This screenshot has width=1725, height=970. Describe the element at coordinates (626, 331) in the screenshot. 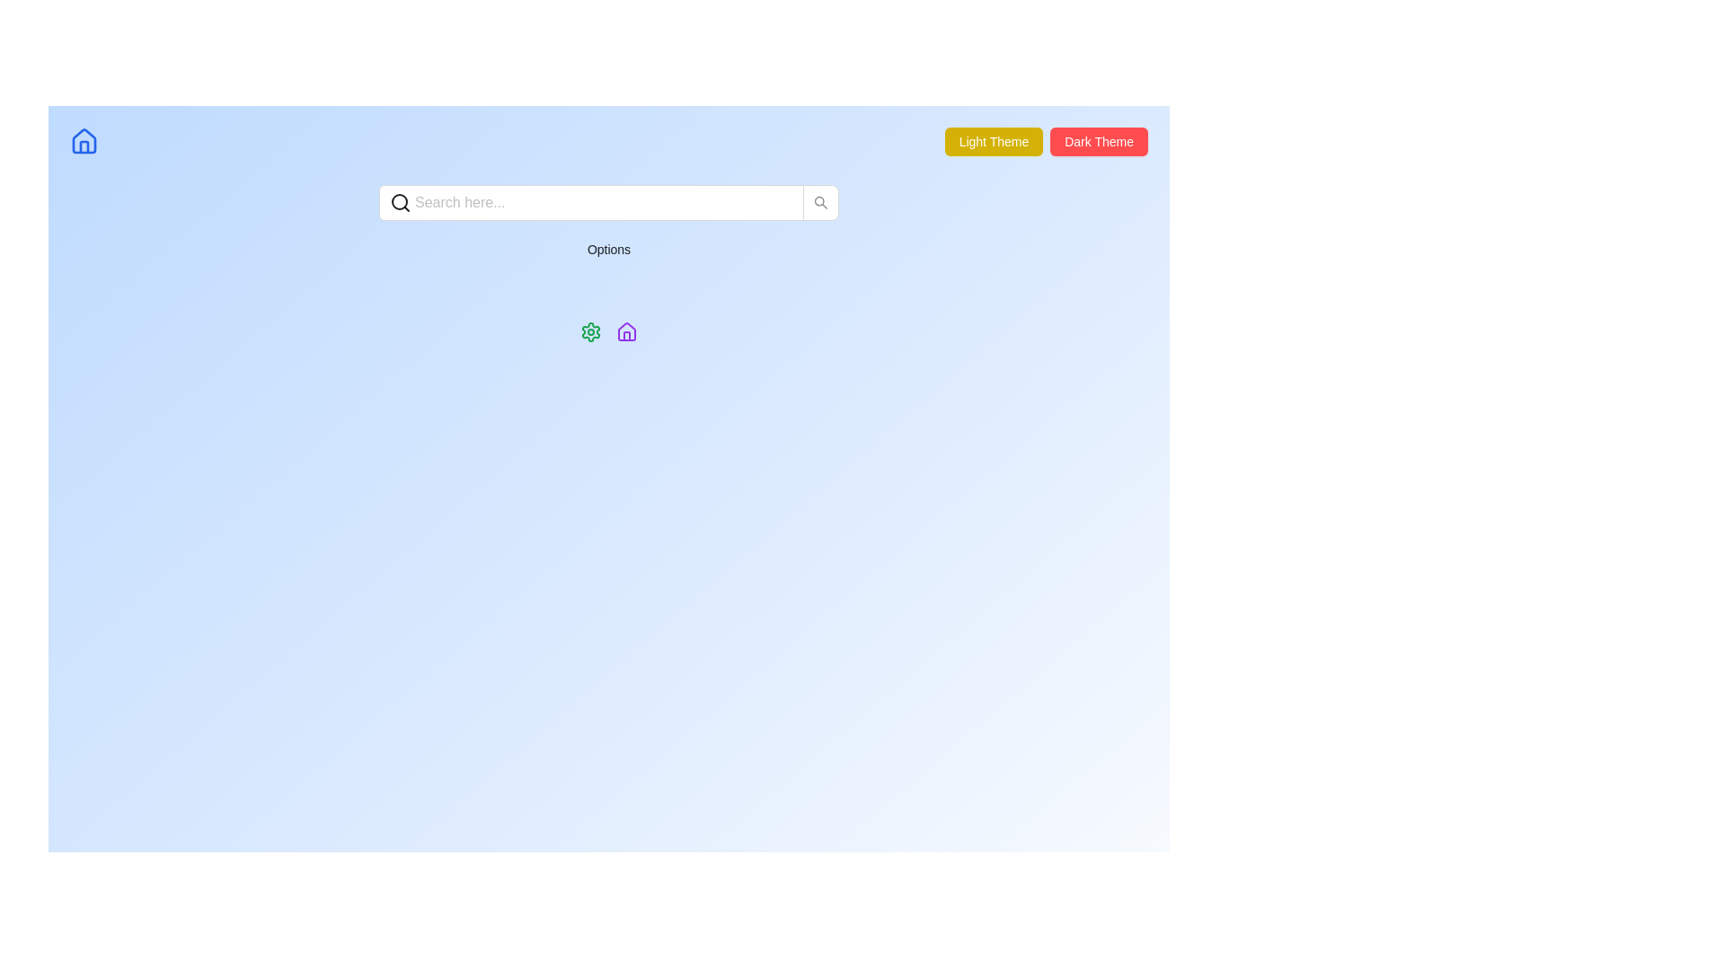

I see `the stylized outline of a house icon, which is part of the 'Options' group located below the search bar, to the right of the green gear icon` at that location.